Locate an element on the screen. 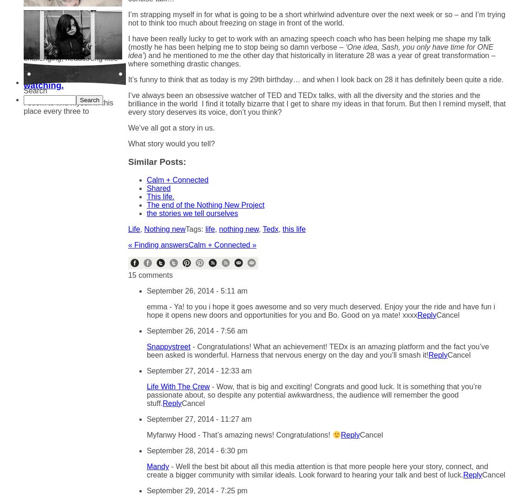  'Shared' is located at coordinates (146, 187).